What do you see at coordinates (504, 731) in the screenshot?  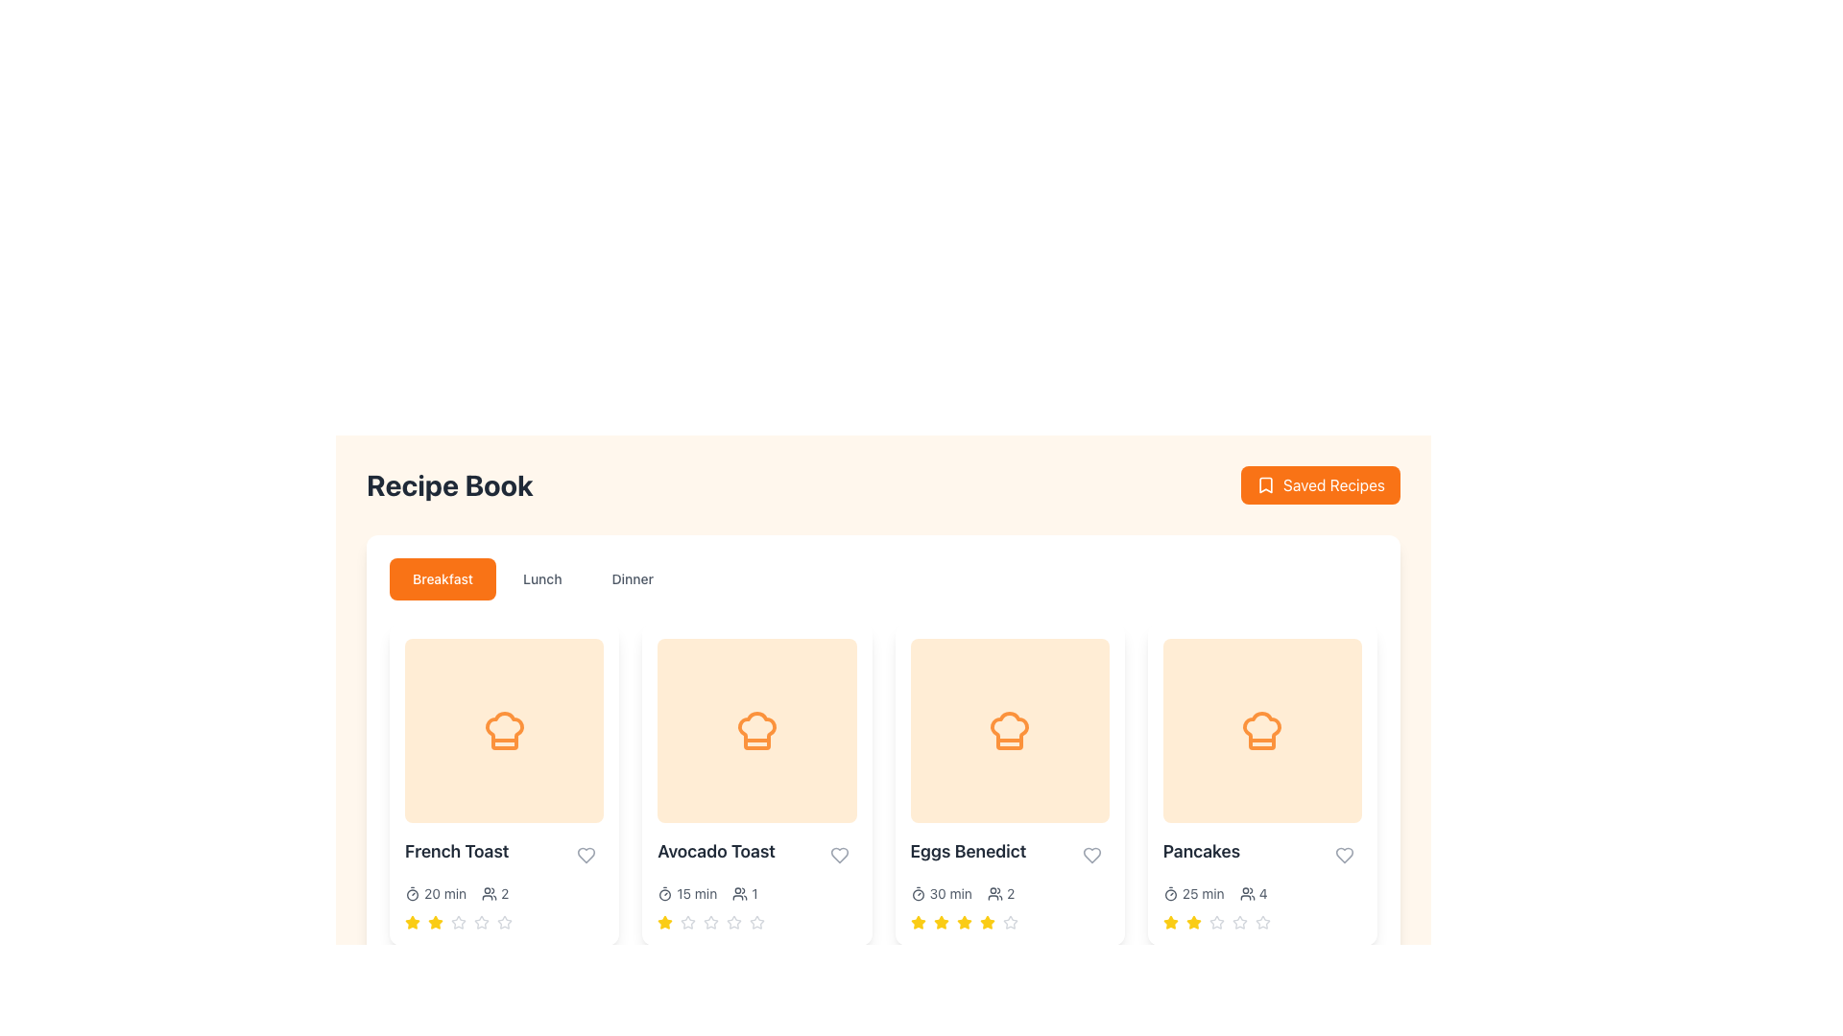 I see `the chef's hat icon representing the recipe category for 'French Toast' in the 'Breakfast' tab` at bounding box center [504, 731].